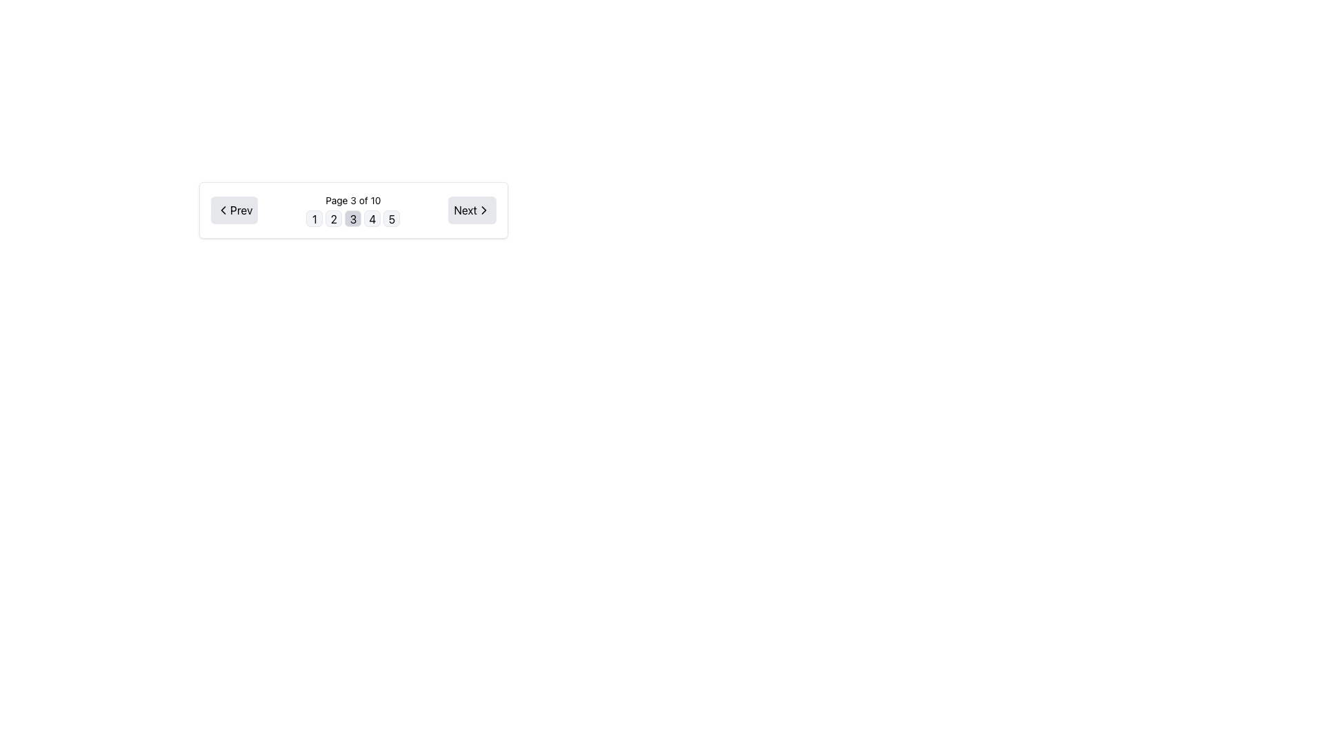 This screenshot has width=1324, height=745. I want to click on the fifth button in the group, which has a light gray background and contains the numeral '5', so click(391, 217).